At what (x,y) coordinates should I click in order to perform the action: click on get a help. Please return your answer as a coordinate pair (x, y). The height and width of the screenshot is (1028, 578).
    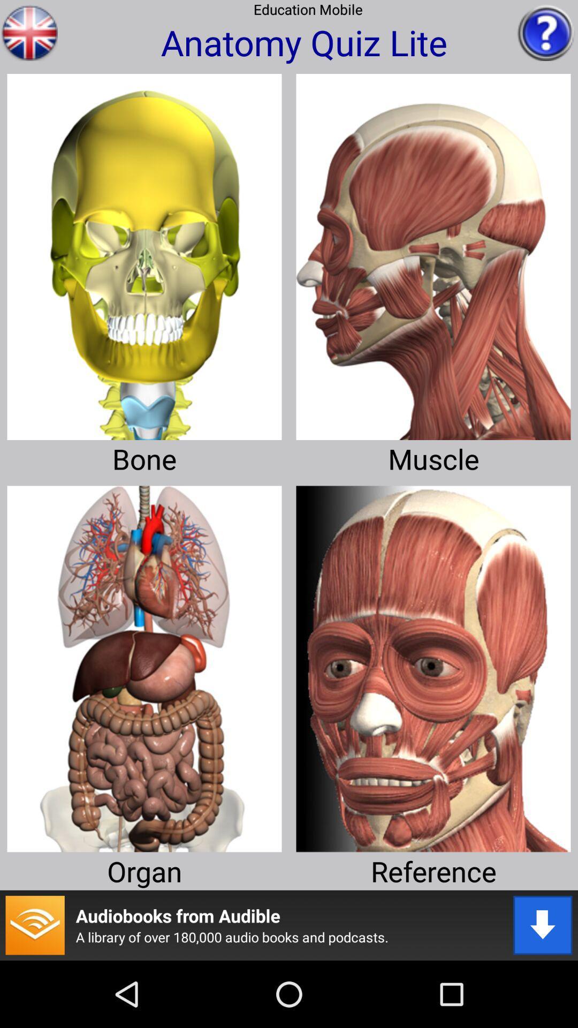
    Looking at the image, I should click on (546, 33).